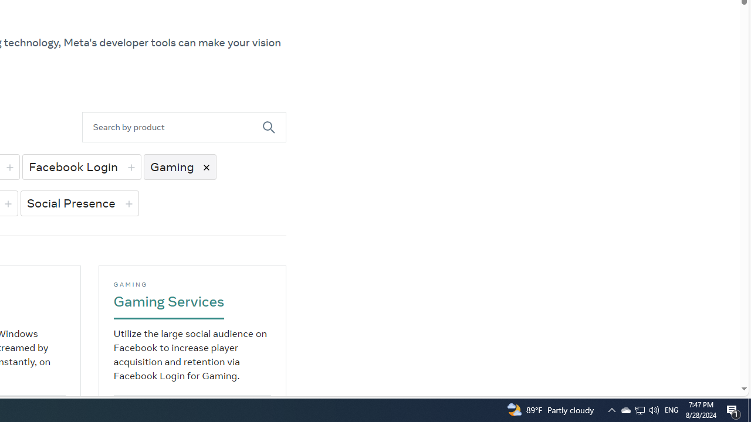  What do you see at coordinates (179, 166) in the screenshot?
I see `'Gaming'` at bounding box center [179, 166].